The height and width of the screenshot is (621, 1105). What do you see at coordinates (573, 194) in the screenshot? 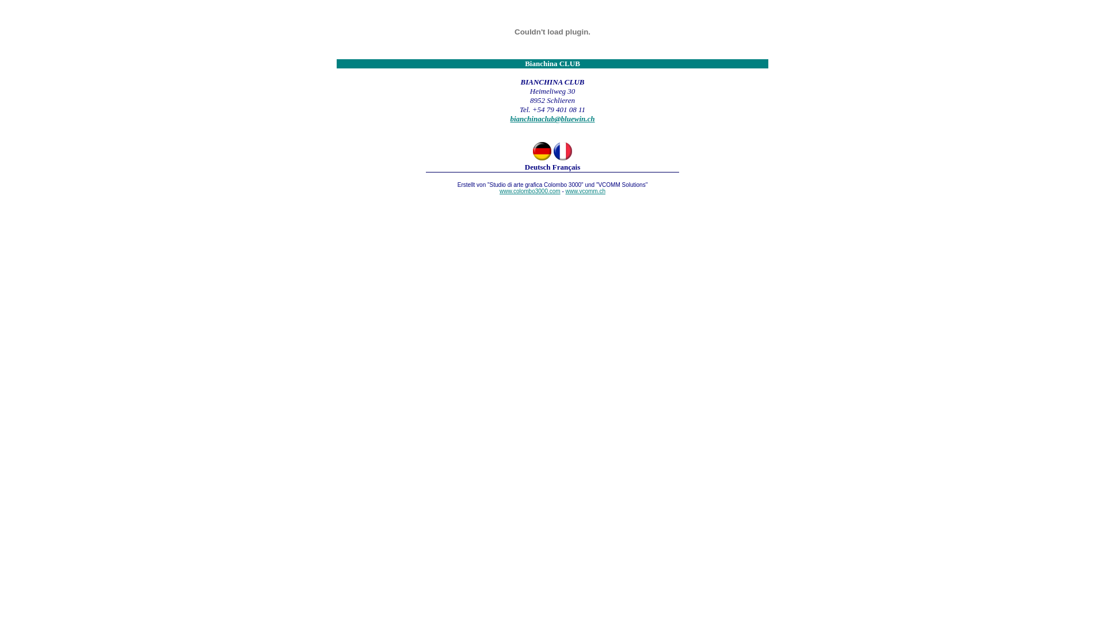
I see `'www.colombo3000.com'` at bounding box center [573, 194].